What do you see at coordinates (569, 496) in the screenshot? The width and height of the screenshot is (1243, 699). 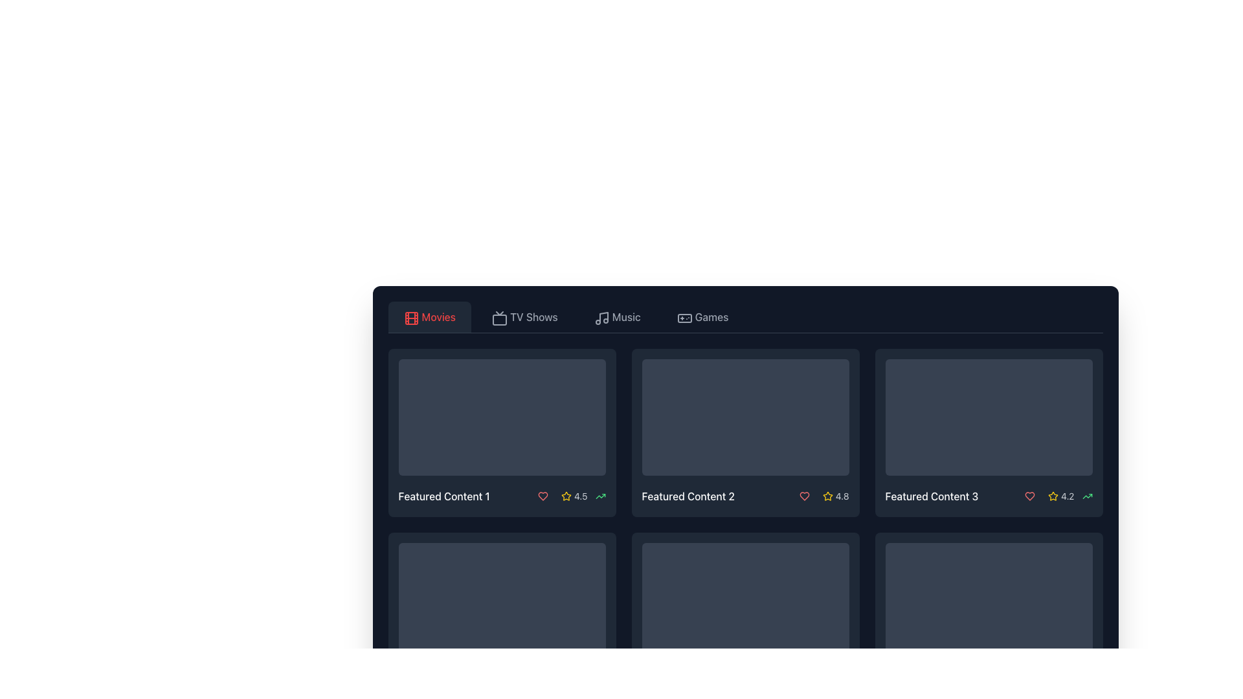 I see `the rating indicator displaying '4.5' next to a yellow star icon in the bottom-right section of the 'Featured Content 1' card` at bounding box center [569, 496].